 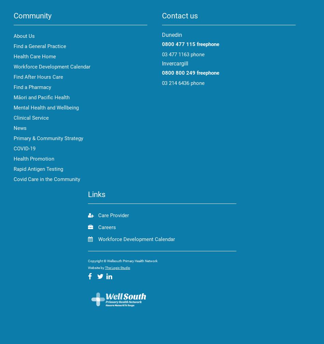 I want to click on 'Health Promotion', so click(x=34, y=158).